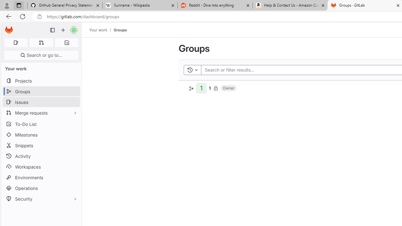 This screenshot has height=226, width=402. What do you see at coordinates (41, 145) in the screenshot?
I see `'Snippets'` at bounding box center [41, 145].